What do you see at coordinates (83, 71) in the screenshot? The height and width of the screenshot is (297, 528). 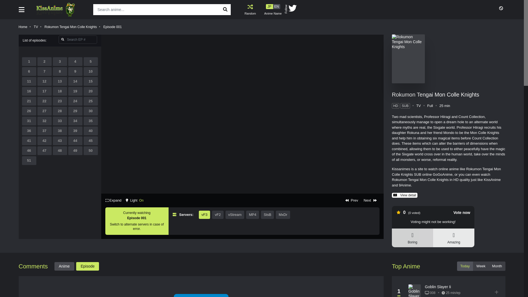 I see `'10'` at bounding box center [83, 71].